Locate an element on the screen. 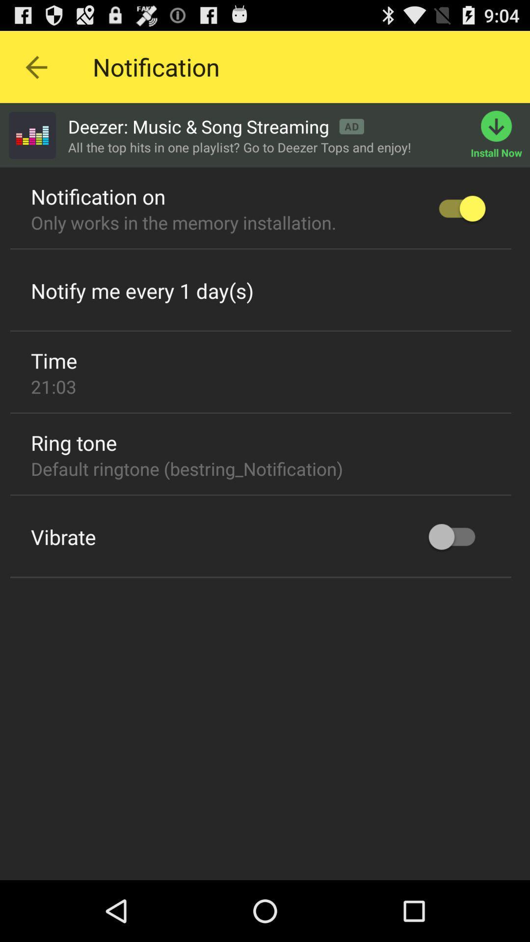 This screenshot has width=530, height=942. icon next to notification app is located at coordinates (35, 66).